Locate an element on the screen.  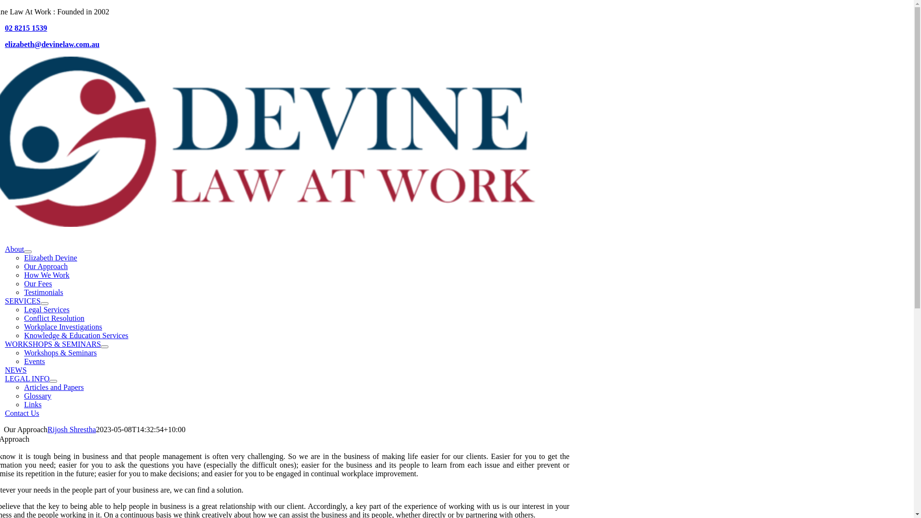
'LEGAL INFO' is located at coordinates (4, 378).